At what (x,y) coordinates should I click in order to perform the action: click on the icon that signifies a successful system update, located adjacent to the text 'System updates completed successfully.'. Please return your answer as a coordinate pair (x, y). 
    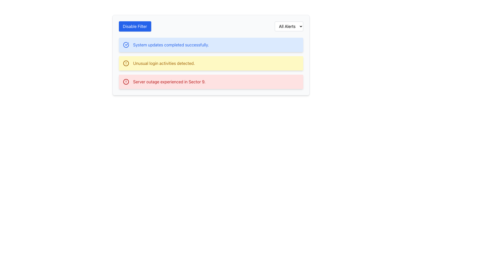
    Looking at the image, I should click on (127, 44).